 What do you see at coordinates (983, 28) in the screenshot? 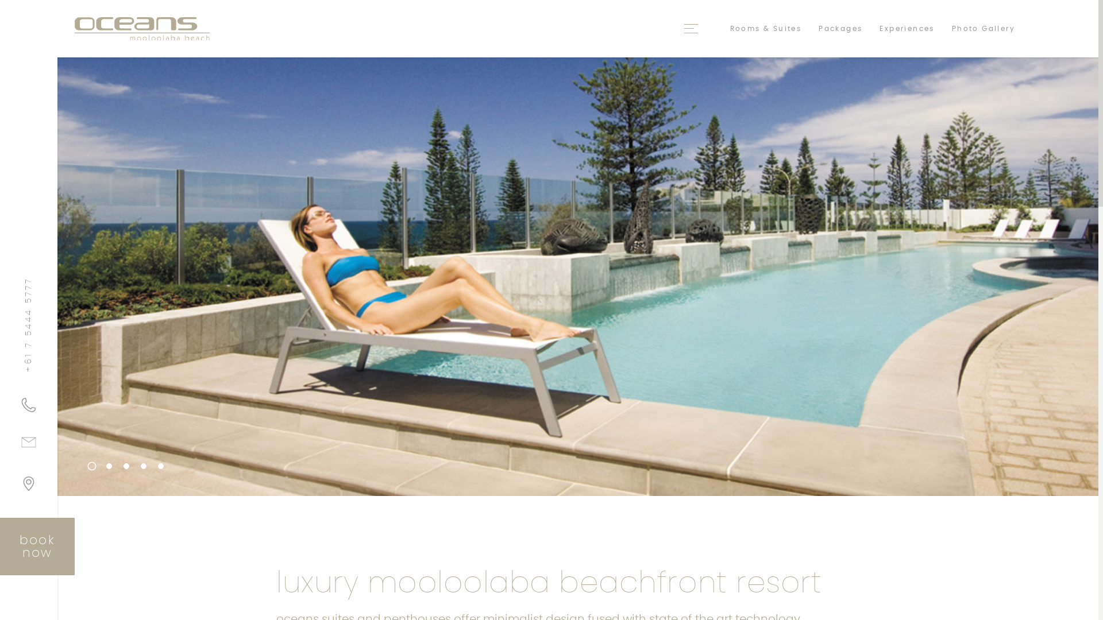
I see `'Photo Gallery'` at bounding box center [983, 28].